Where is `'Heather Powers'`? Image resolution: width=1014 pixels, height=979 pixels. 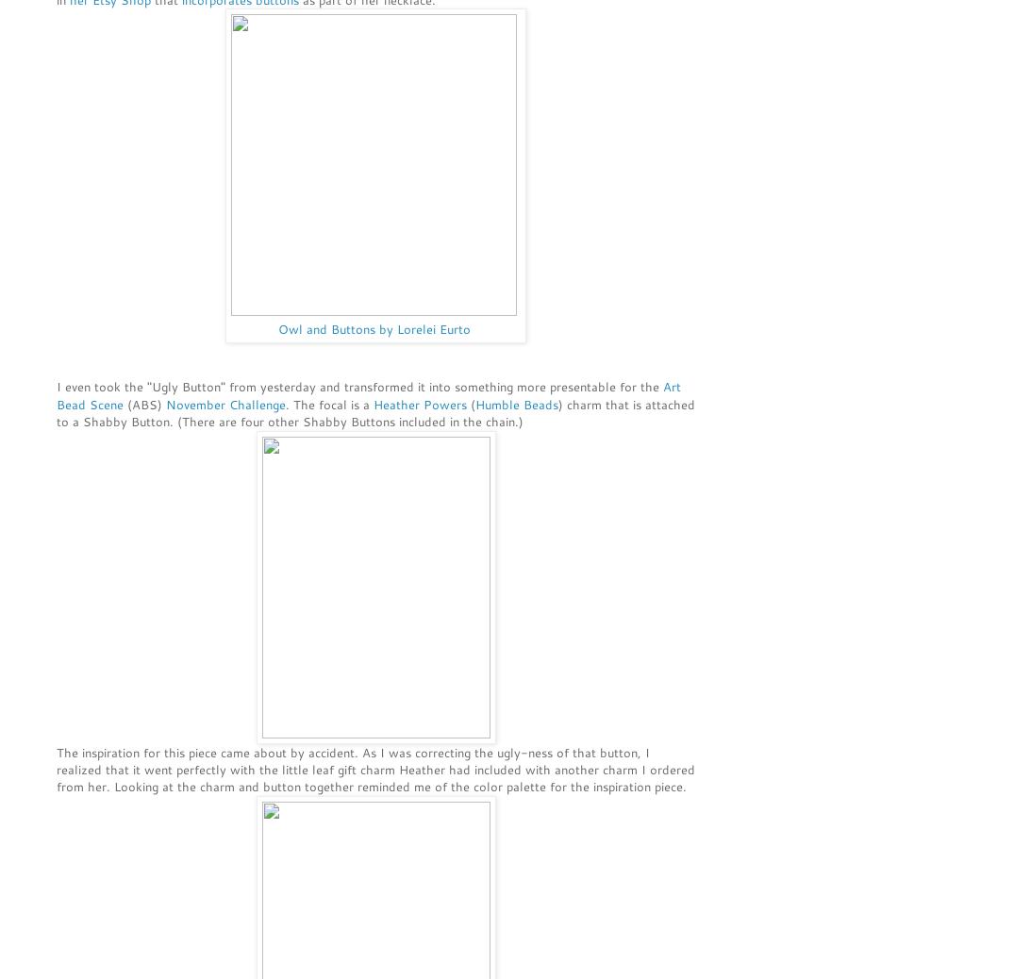
'Heather Powers' is located at coordinates (420, 403).